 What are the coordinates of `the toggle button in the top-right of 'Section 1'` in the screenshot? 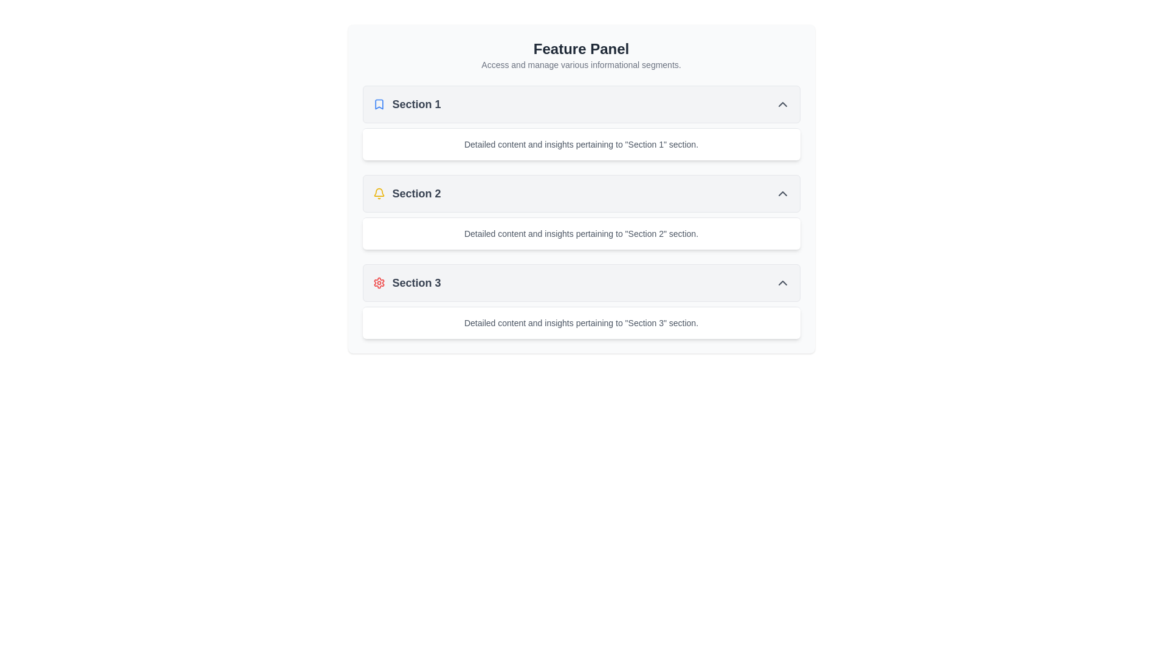 It's located at (782, 104).